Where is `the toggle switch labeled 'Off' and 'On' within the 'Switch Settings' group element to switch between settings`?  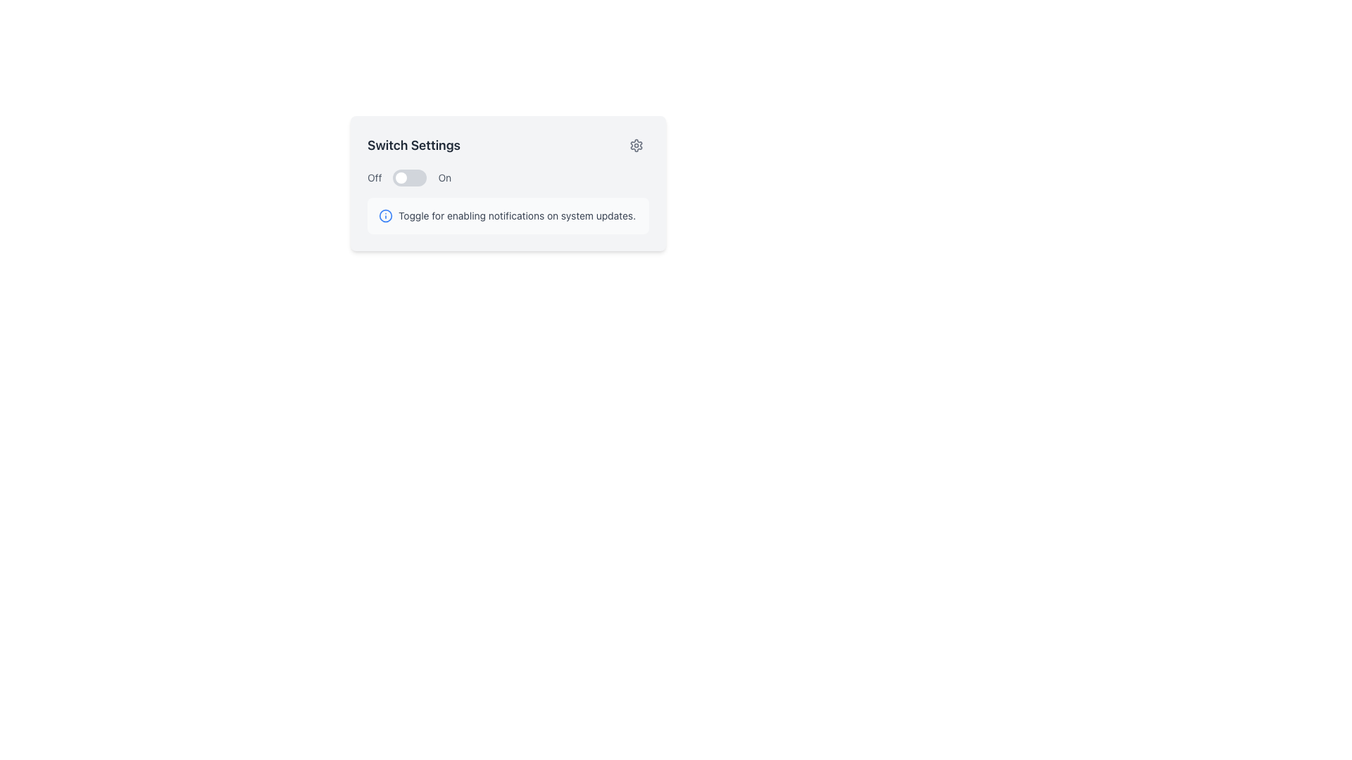
the toggle switch labeled 'Off' and 'On' within the 'Switch Settings' group element to switch between settings is located at coordinates (507, 183).